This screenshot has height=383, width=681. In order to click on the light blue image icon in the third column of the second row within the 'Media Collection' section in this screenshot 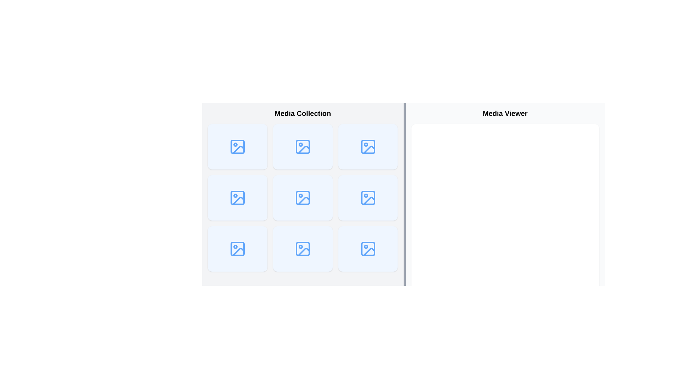, I will do `click(368, 146)`.